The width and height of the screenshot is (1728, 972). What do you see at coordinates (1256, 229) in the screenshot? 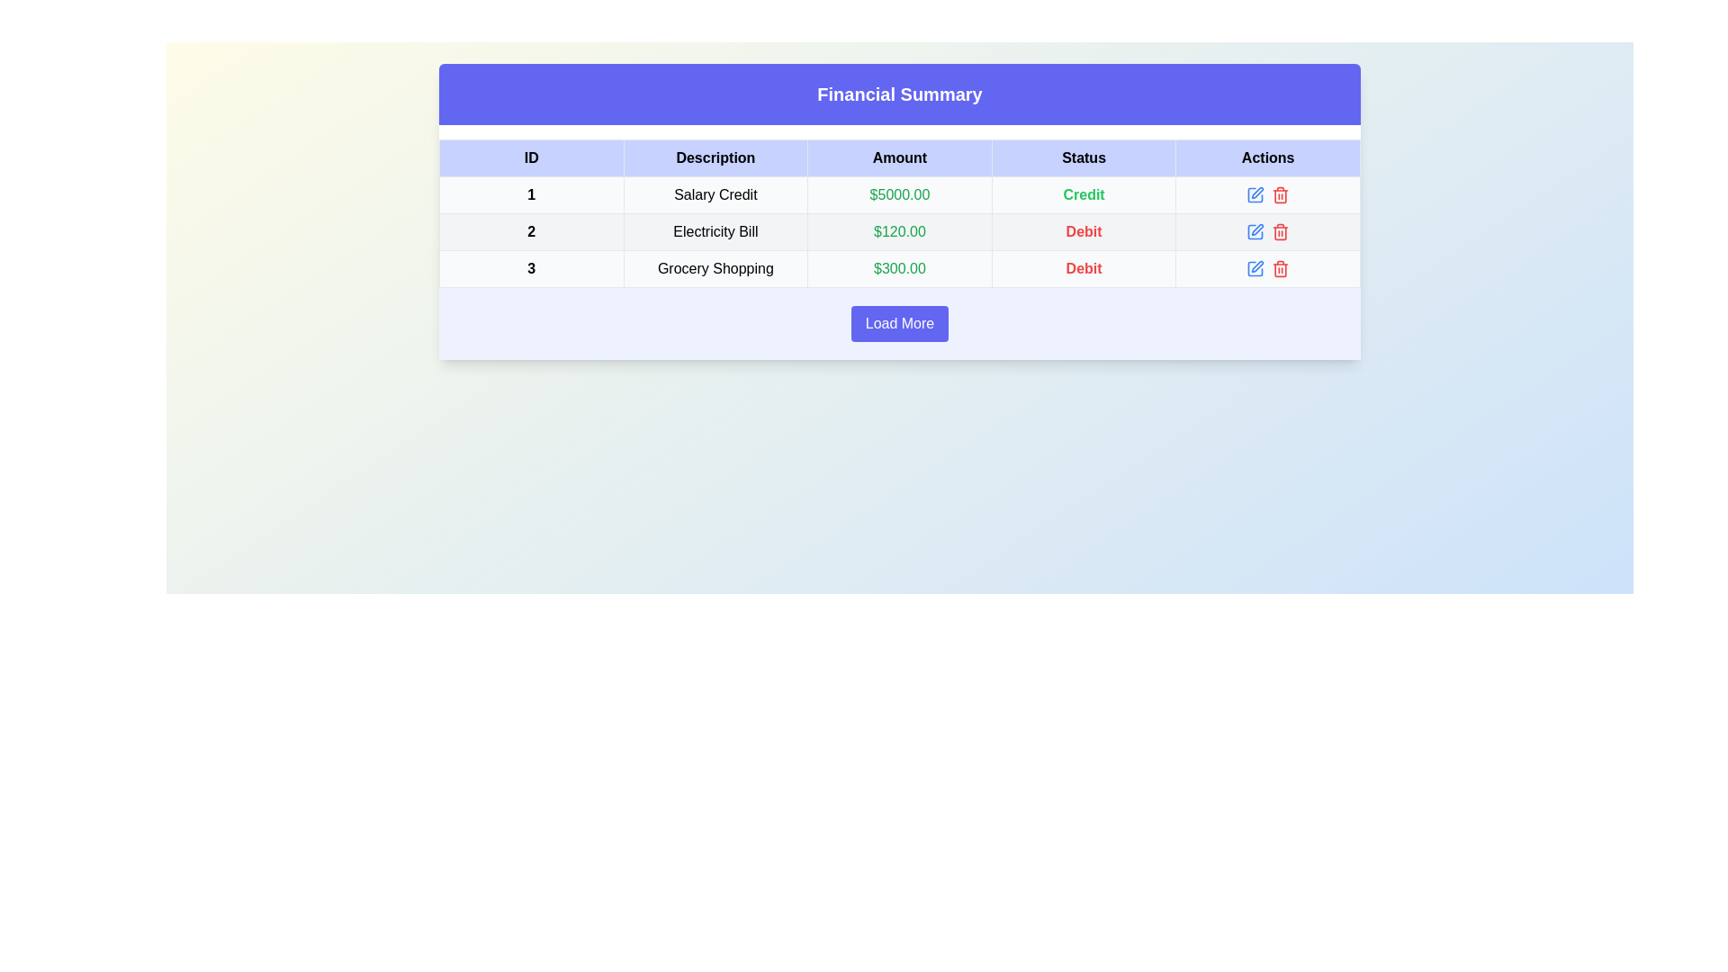
I see `the 'Edit' icon (Pen within a square) in the Actions column of the financial summary table, specifically in the second row labeled 'Electricity Bill'` at bounding box center [1256, 229].